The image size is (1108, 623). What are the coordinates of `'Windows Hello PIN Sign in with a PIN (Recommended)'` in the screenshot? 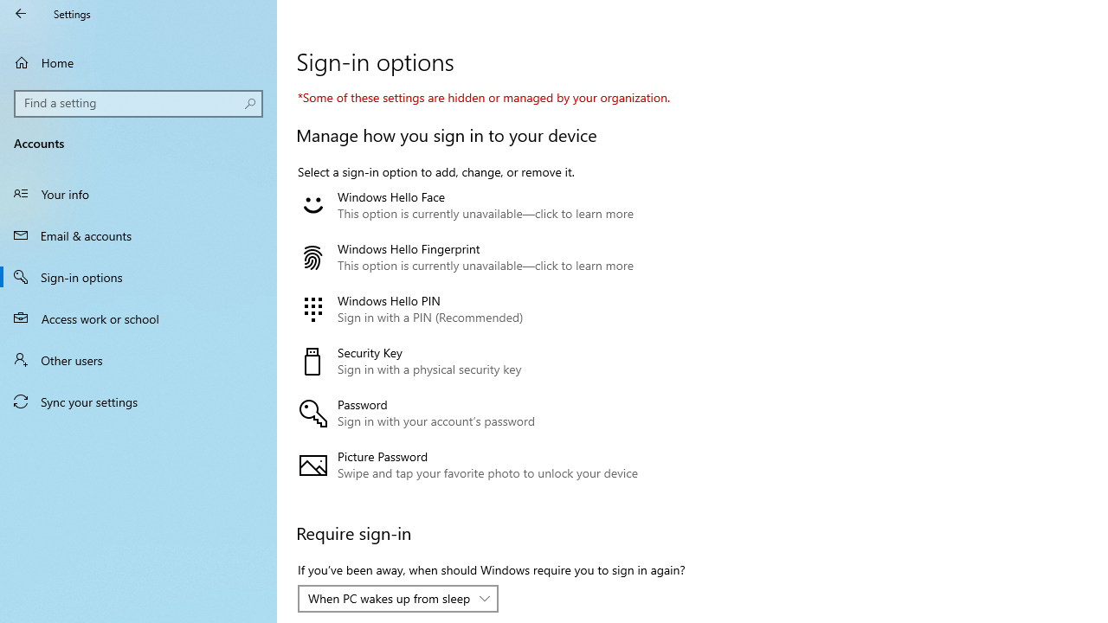 It's located at (486, 309).